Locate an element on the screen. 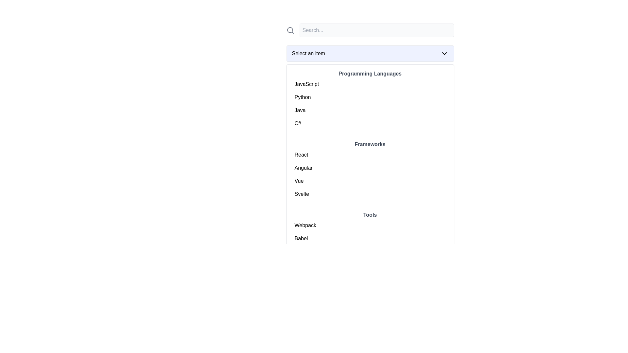  the Text Label displaying the header 'Frameworks', which is bold and gray, situated above the sub-items in the Programming Languages section is located at coordinates (370, 144).